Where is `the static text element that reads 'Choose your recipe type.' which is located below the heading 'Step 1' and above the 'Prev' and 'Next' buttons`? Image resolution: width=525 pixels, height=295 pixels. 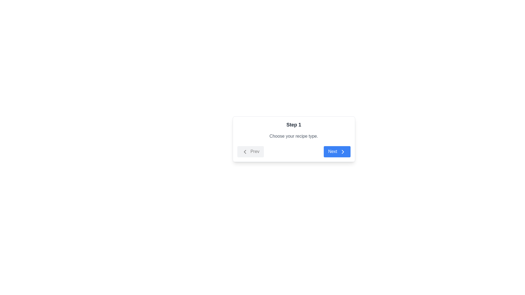
the static text element that reads 'Choose your recipe type.' which is located below the heading 'Step 1' and above the 'Prev' and 'Next' buttons is located at coordinates (293, 136).